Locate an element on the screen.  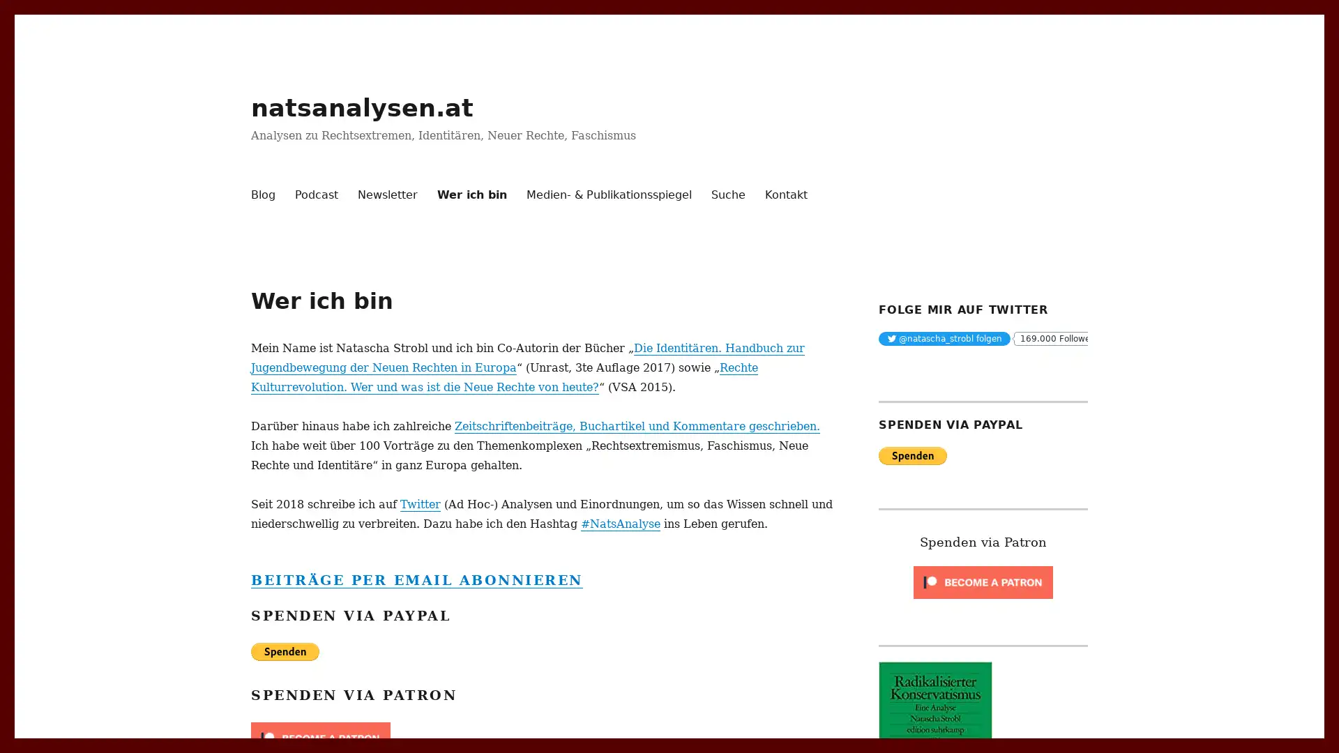
PayPal - The safer, easier way to pay online. is located at coordinates (284, 651).